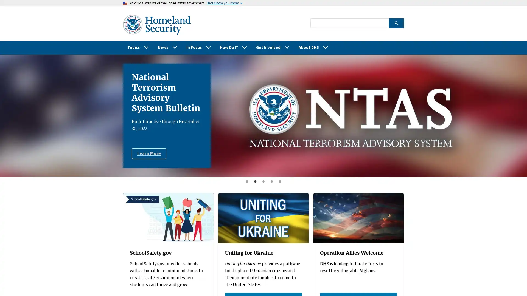  I want to click on Heres how you know, so click(223, 3).